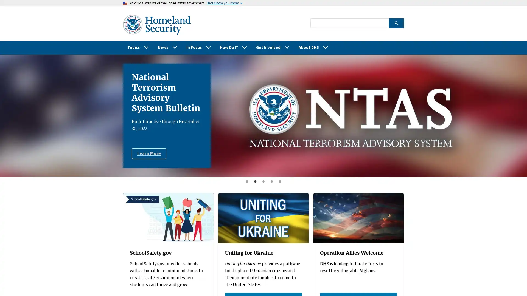  I want to click on Heres how you know, so click(223, 3).